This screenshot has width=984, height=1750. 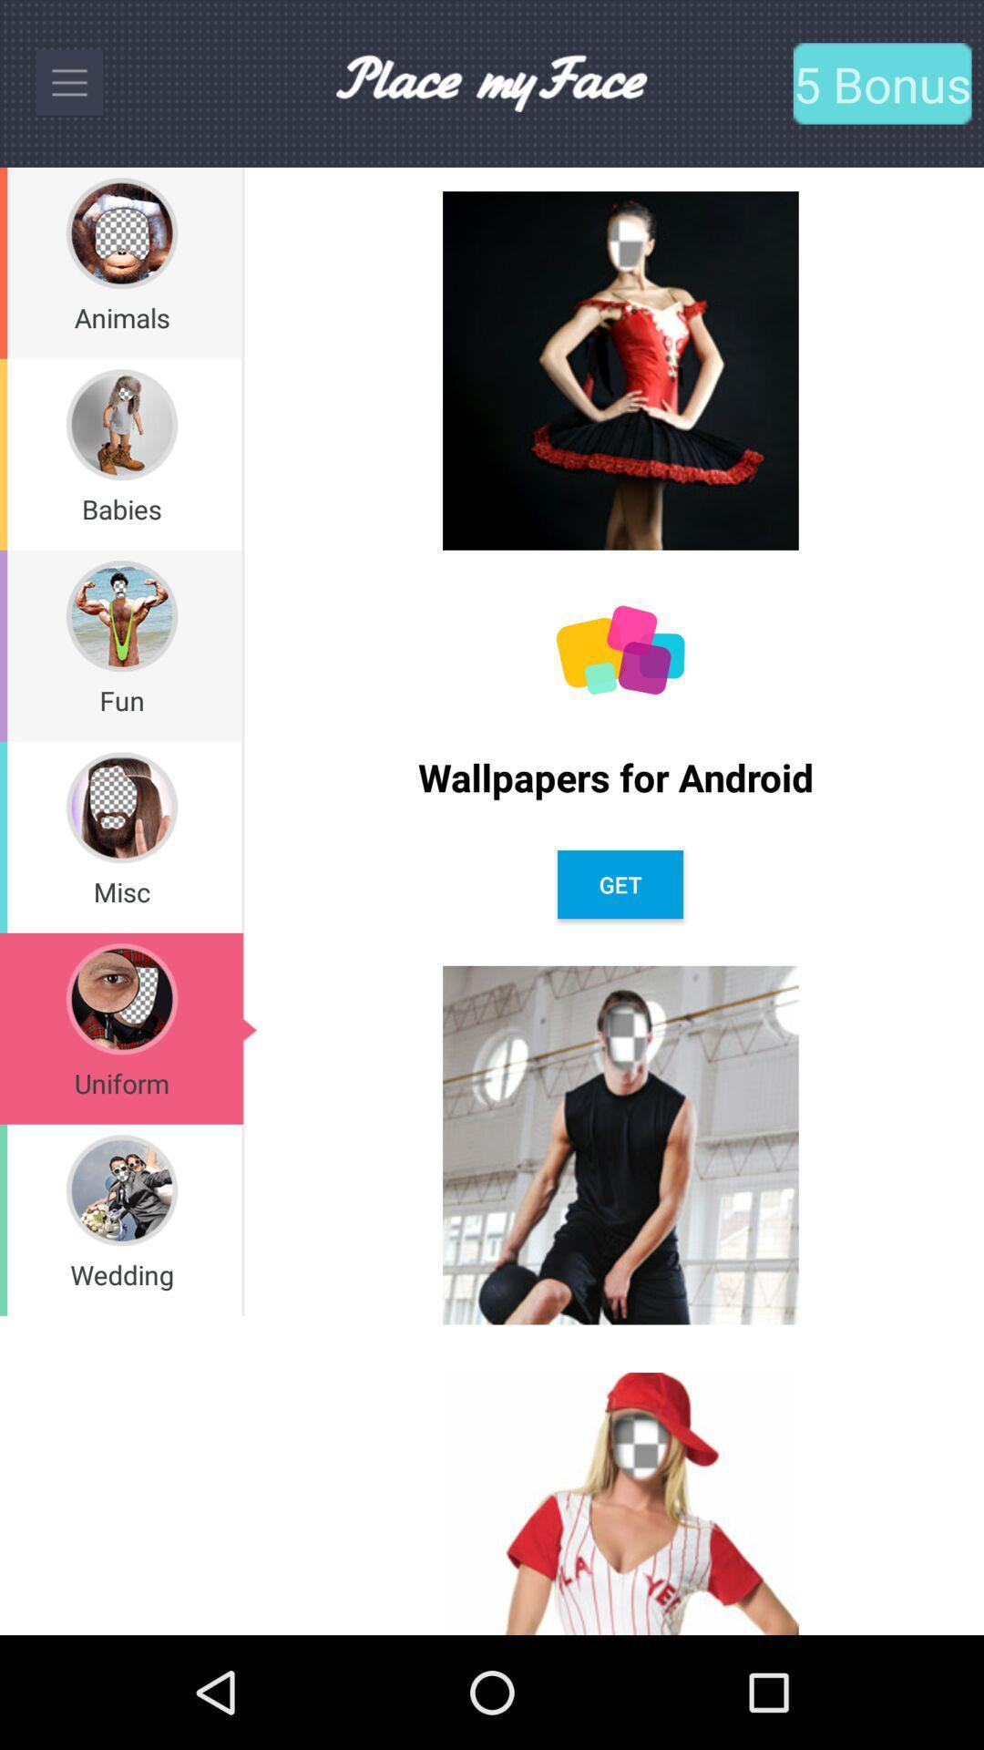 I want to click on background color, so click(x=620, y=651).